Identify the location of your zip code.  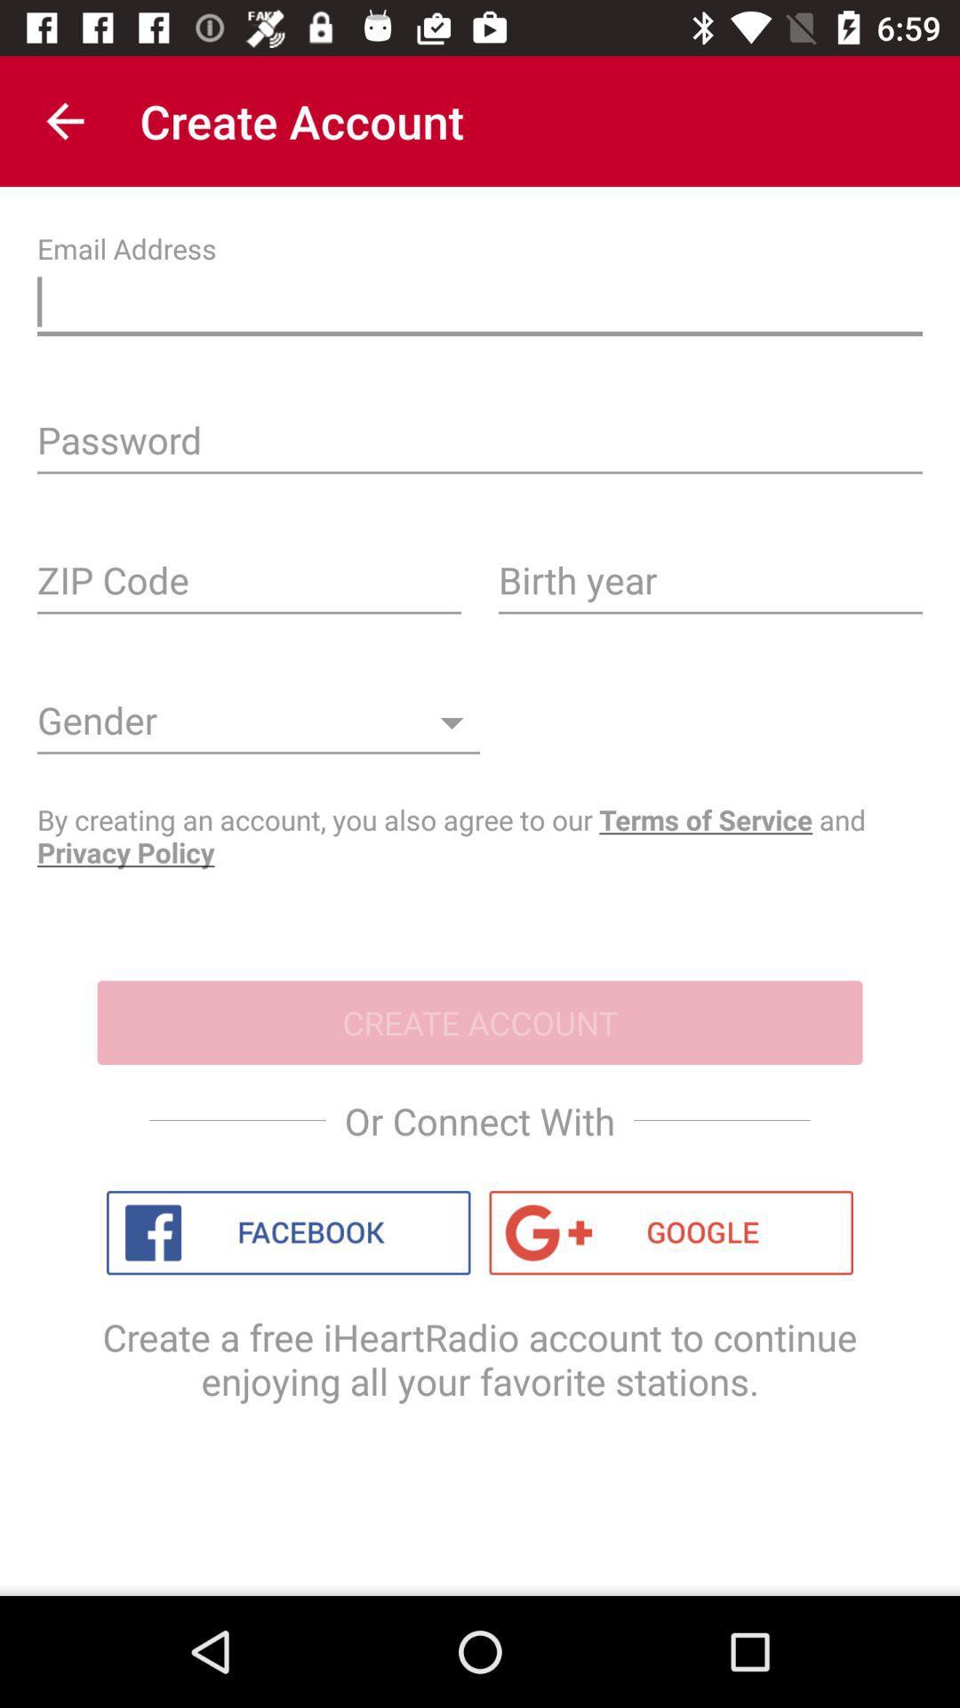
(249, 586).